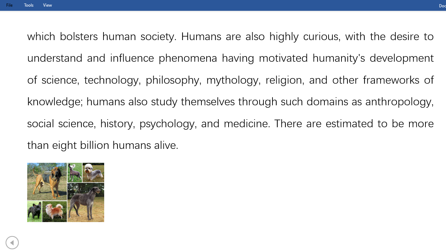 This screenshot has height=251, width=446. I want to click on 'Morphological variation in six dogs', so click(66, 192).